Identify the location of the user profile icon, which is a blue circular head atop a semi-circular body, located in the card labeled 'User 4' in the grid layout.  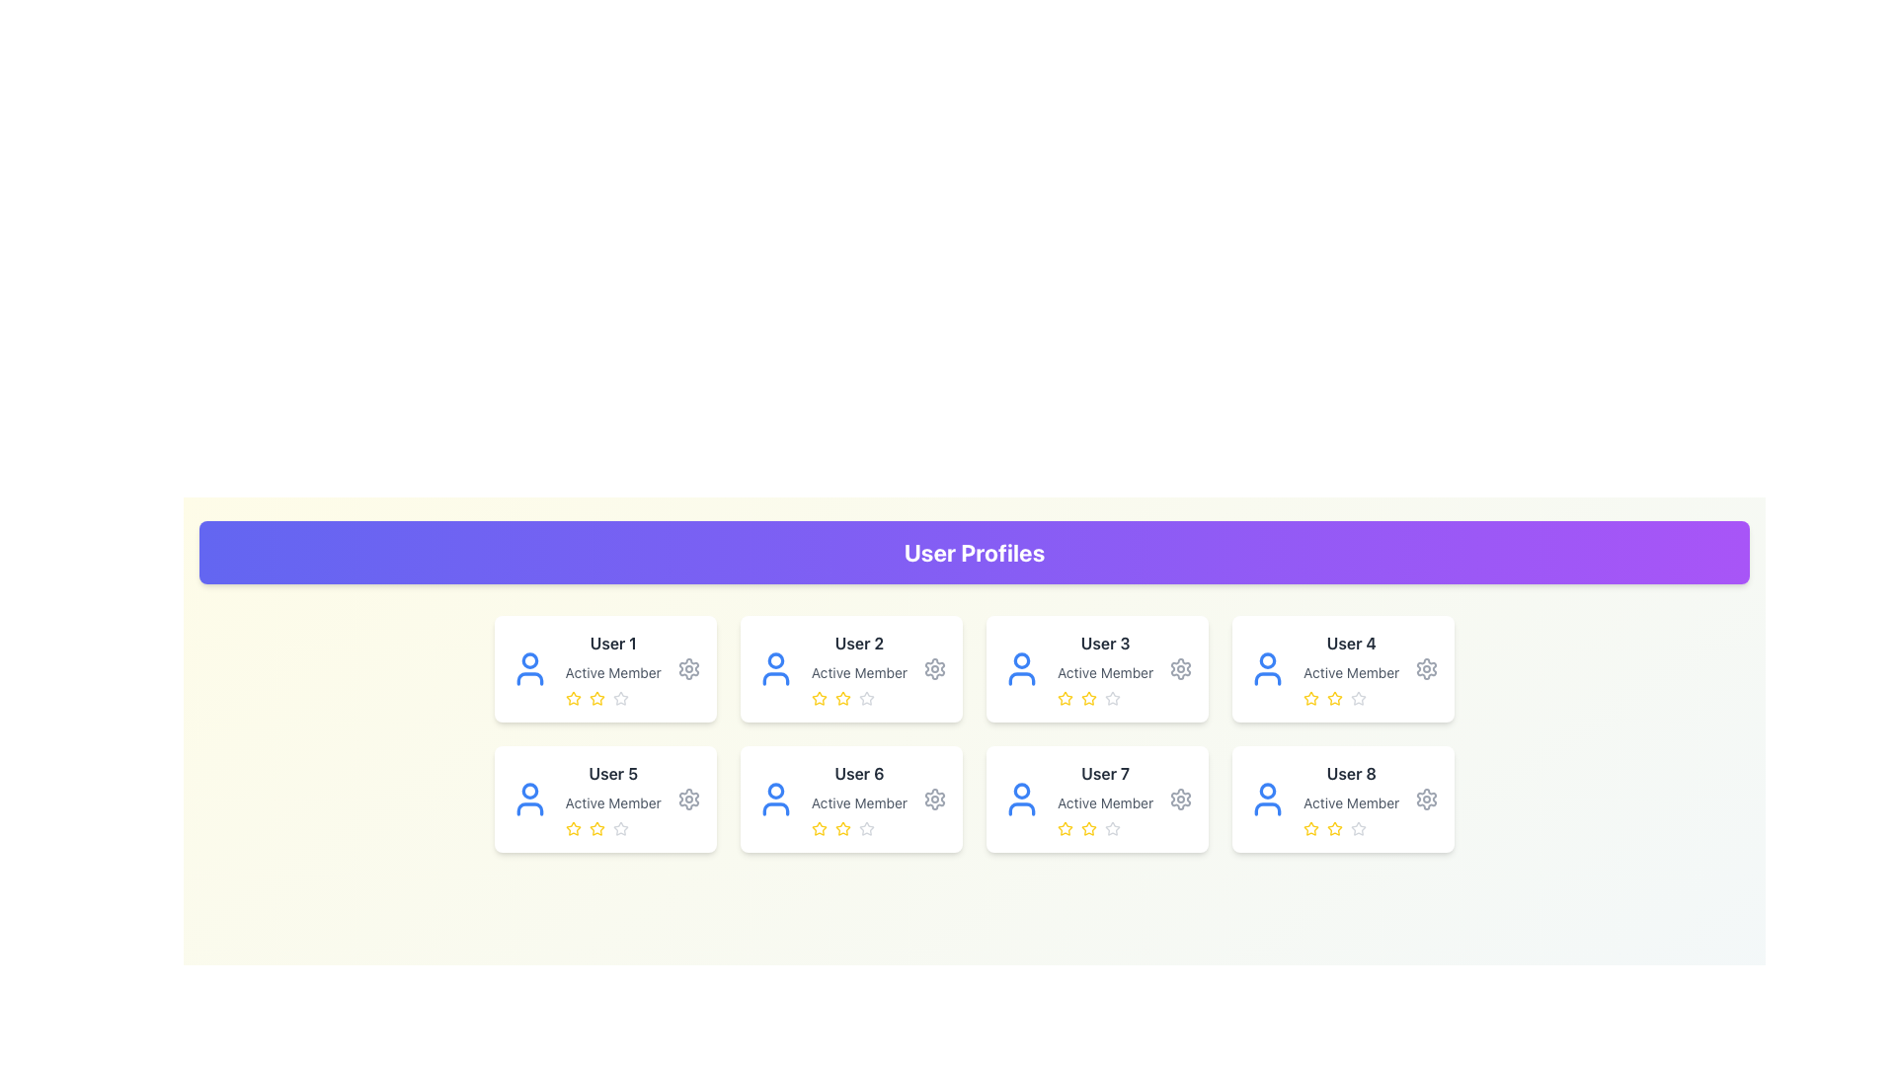
(1268, 668).